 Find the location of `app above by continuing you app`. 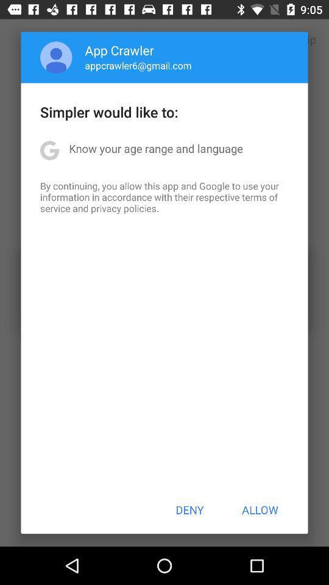

app above by continuing you app is located at coordinates (156, 147).